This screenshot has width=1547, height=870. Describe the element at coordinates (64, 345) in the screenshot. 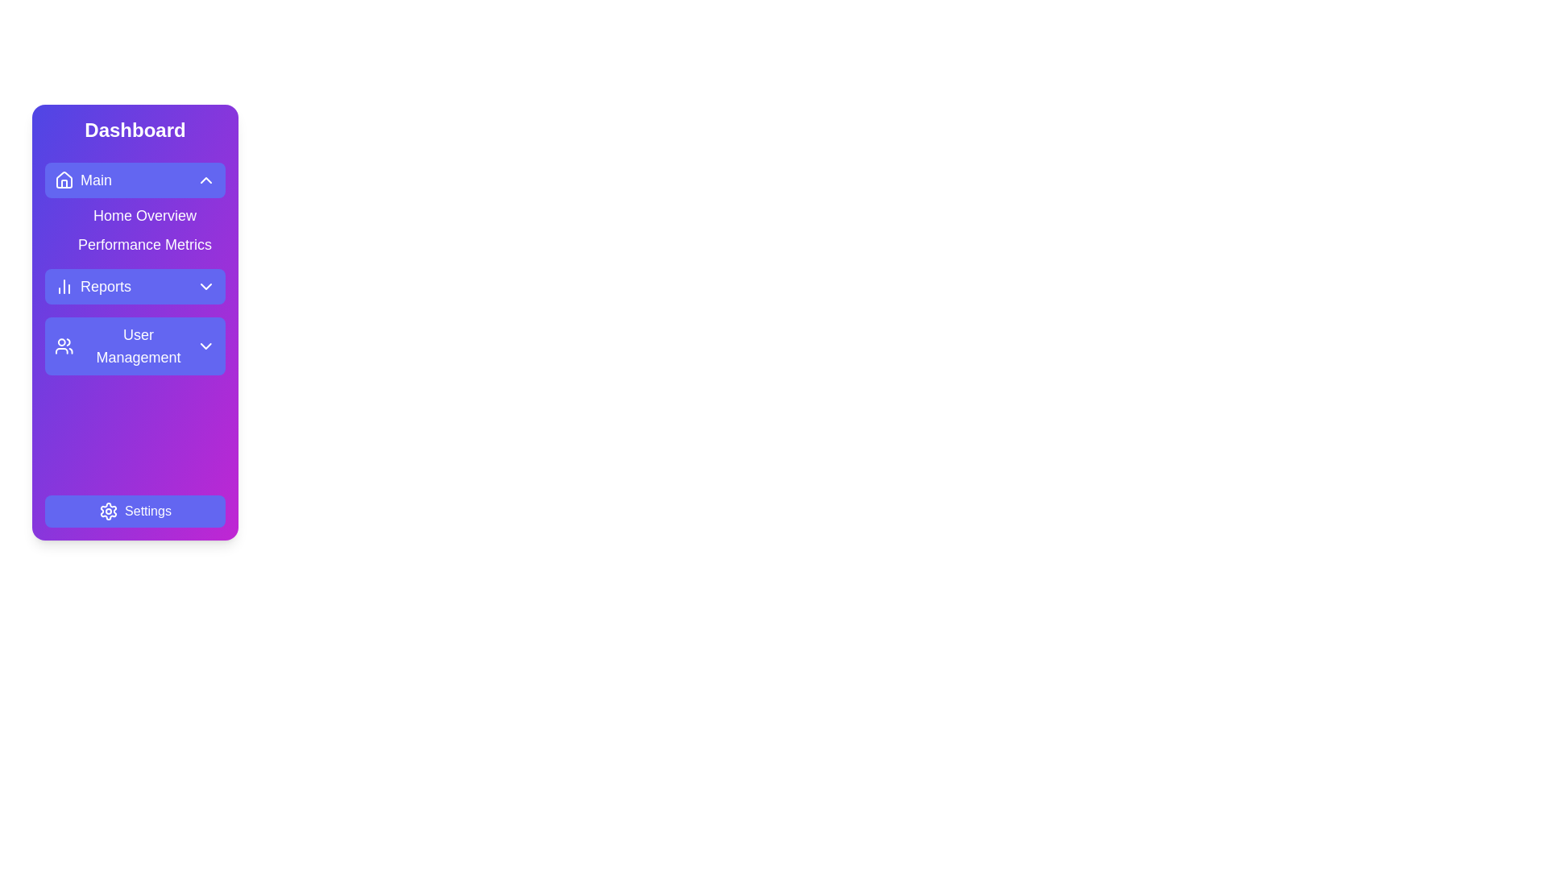

I see `the user management icon located in the sidebar of the dashboard interface, positioned to the left of the 'User Management' text` at that location.